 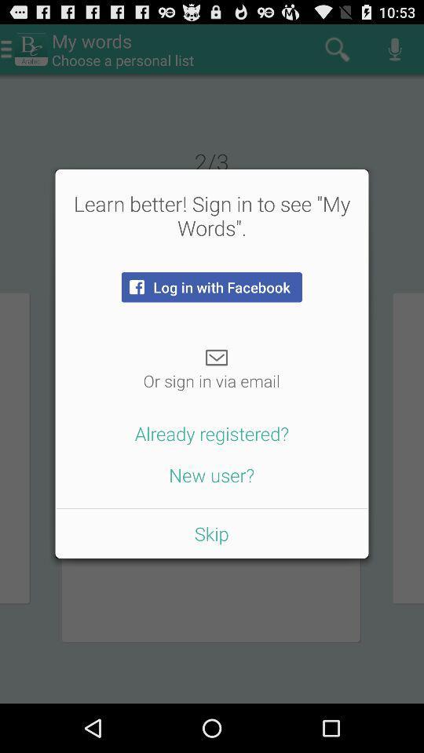 What do you see at coordinates (211, 286) in the screenshot?
I see `the item below the learn better sign item` at bounding box center [211, 286].